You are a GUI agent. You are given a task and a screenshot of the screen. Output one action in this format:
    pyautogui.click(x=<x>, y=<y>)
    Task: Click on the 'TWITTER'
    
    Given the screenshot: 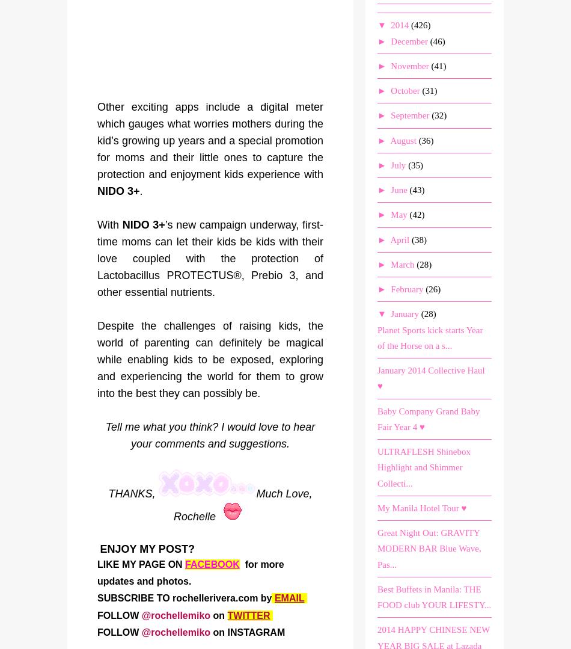 What is the action you would take?
    pyautogui.click(x=248, y=615)
    